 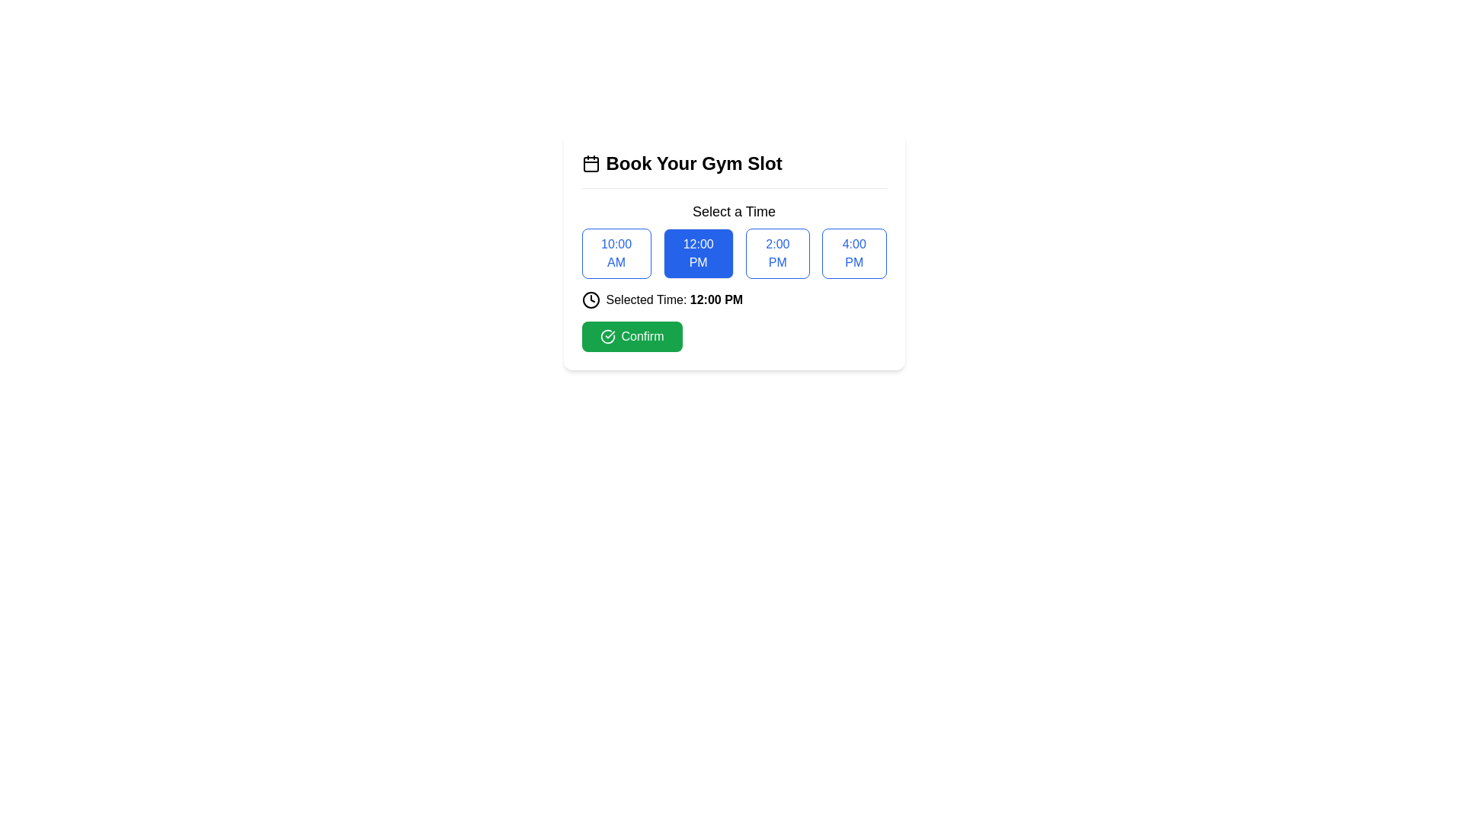 What do you see at coordinates (777, 252) in the screenshot?
I see `the button that allows users to select a time slot, located in the 'Select a Time' section between the '12:00 PM' and '4:00 PM' buttons` at bounding box center [777, 252].